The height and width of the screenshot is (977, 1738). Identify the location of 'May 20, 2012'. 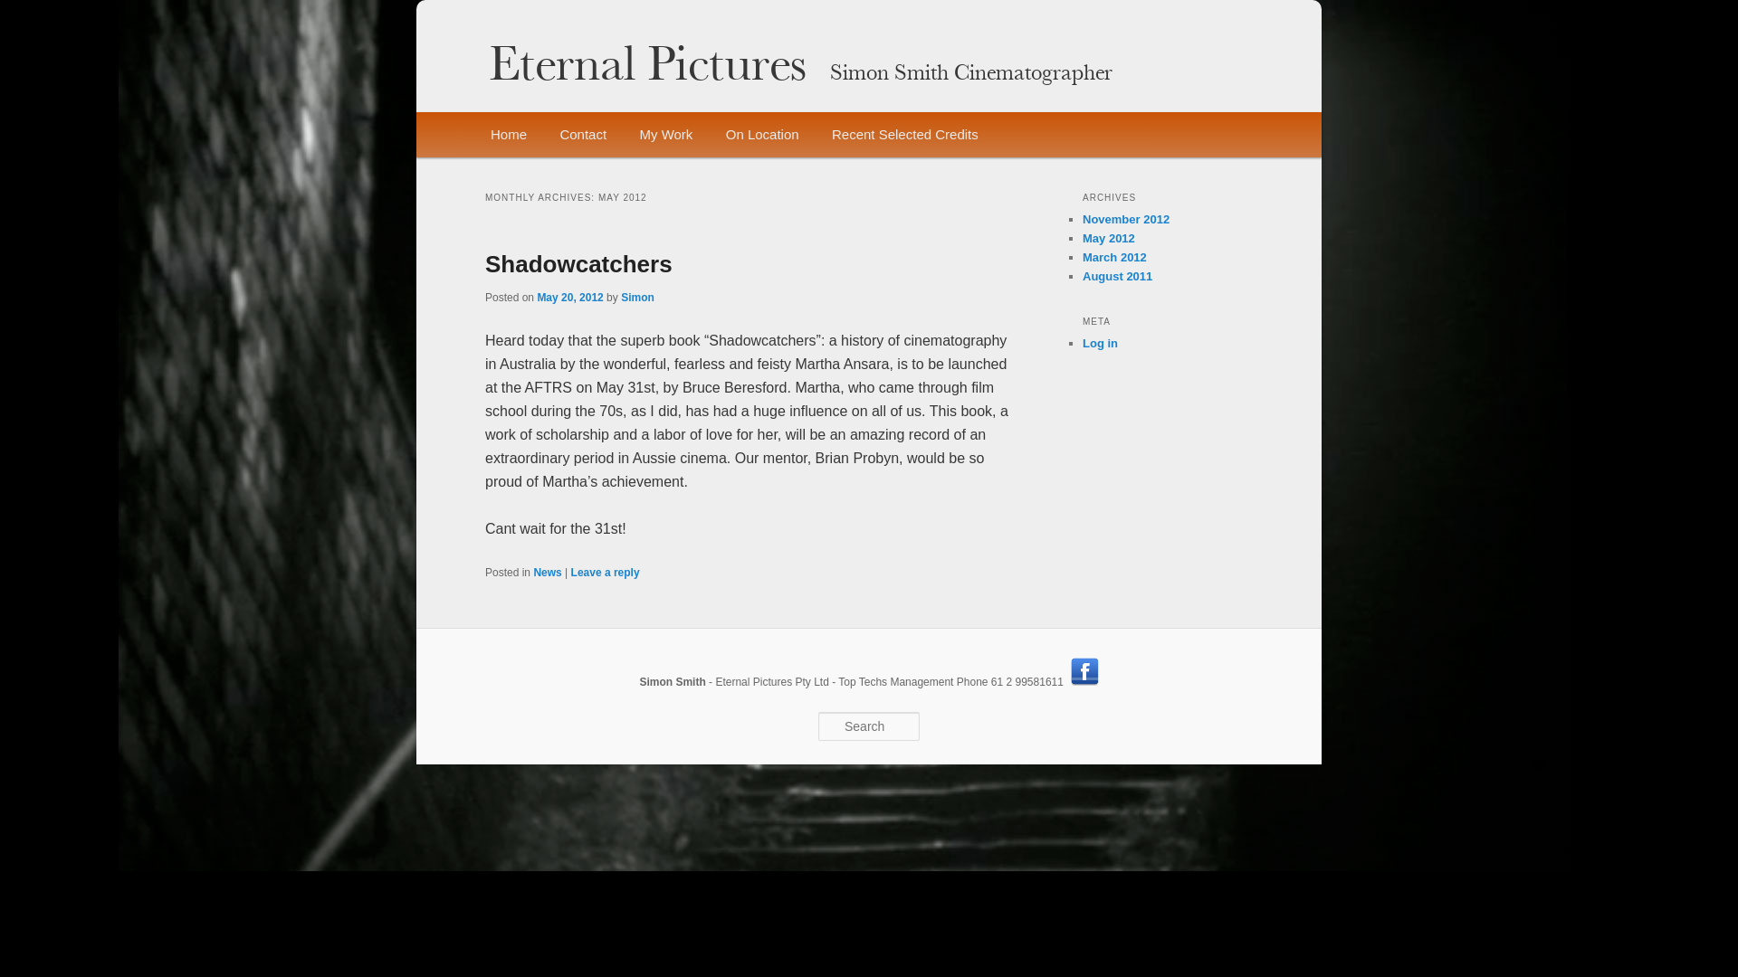
(568, 296).